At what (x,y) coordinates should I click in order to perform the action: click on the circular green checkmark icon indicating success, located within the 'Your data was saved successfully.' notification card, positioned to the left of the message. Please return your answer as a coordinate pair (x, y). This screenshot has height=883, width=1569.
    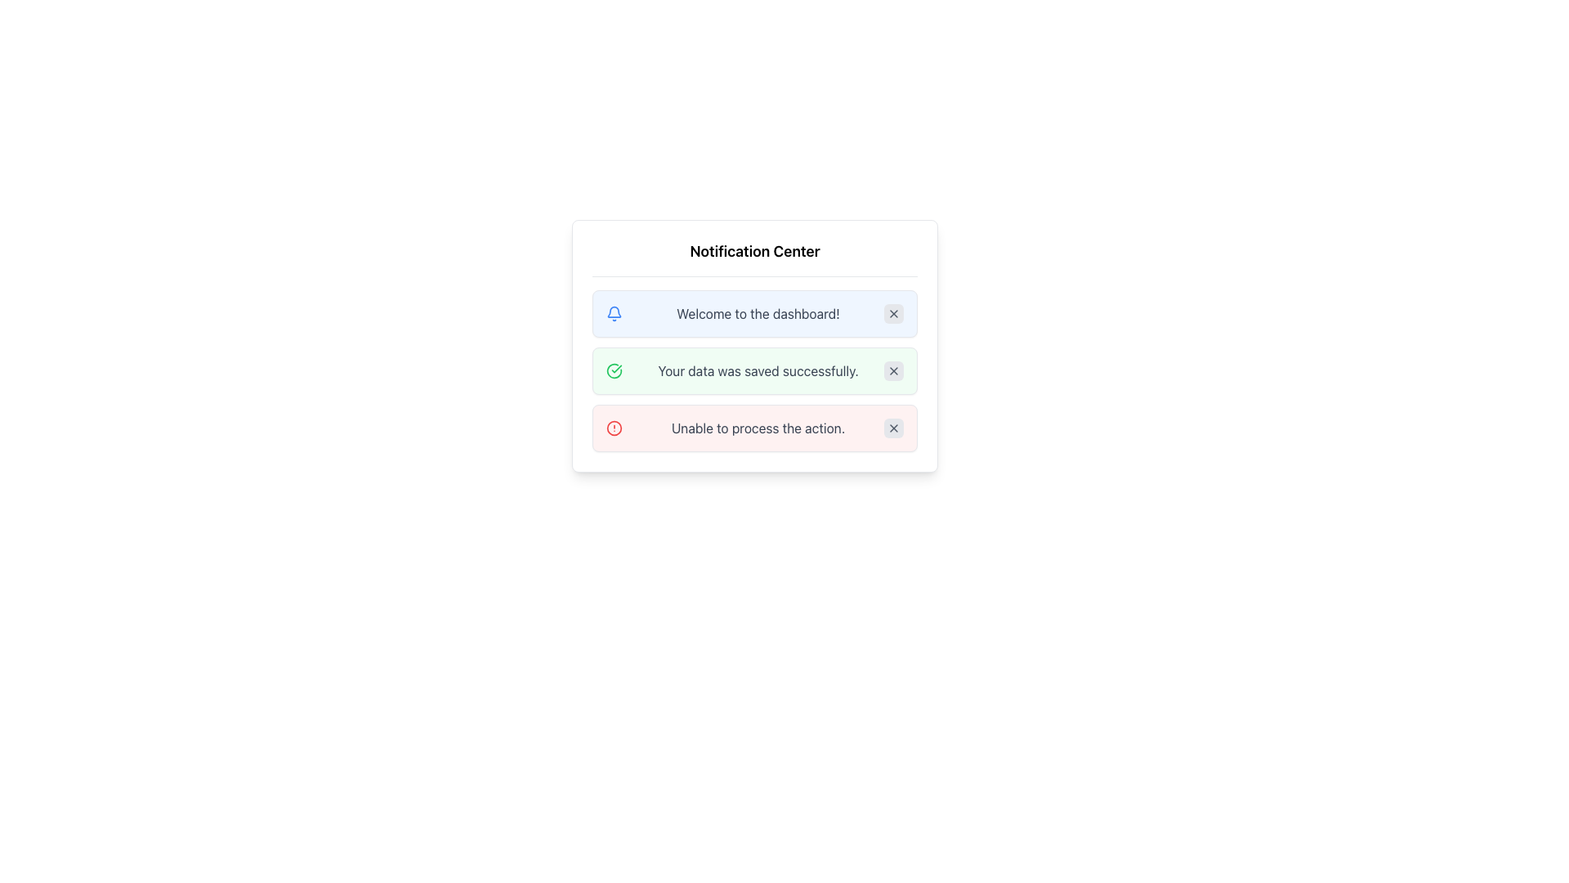
    Looking at the image, I should click on (614, 371).